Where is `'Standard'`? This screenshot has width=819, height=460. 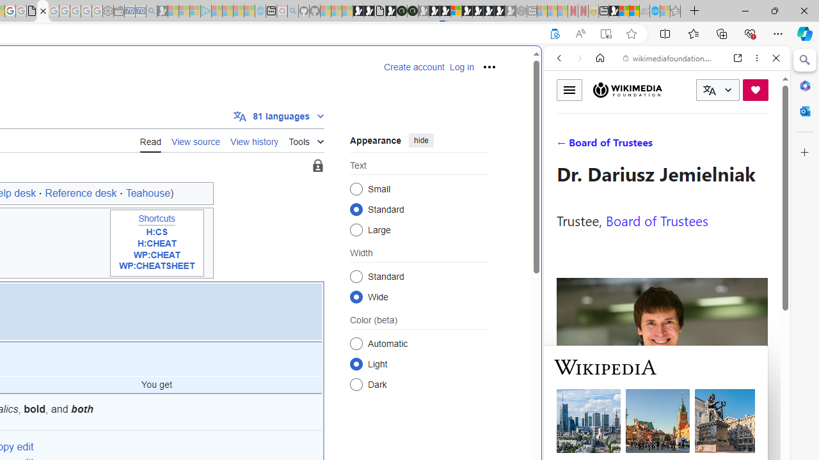
'Standard' is located at coordinates (356, 275).